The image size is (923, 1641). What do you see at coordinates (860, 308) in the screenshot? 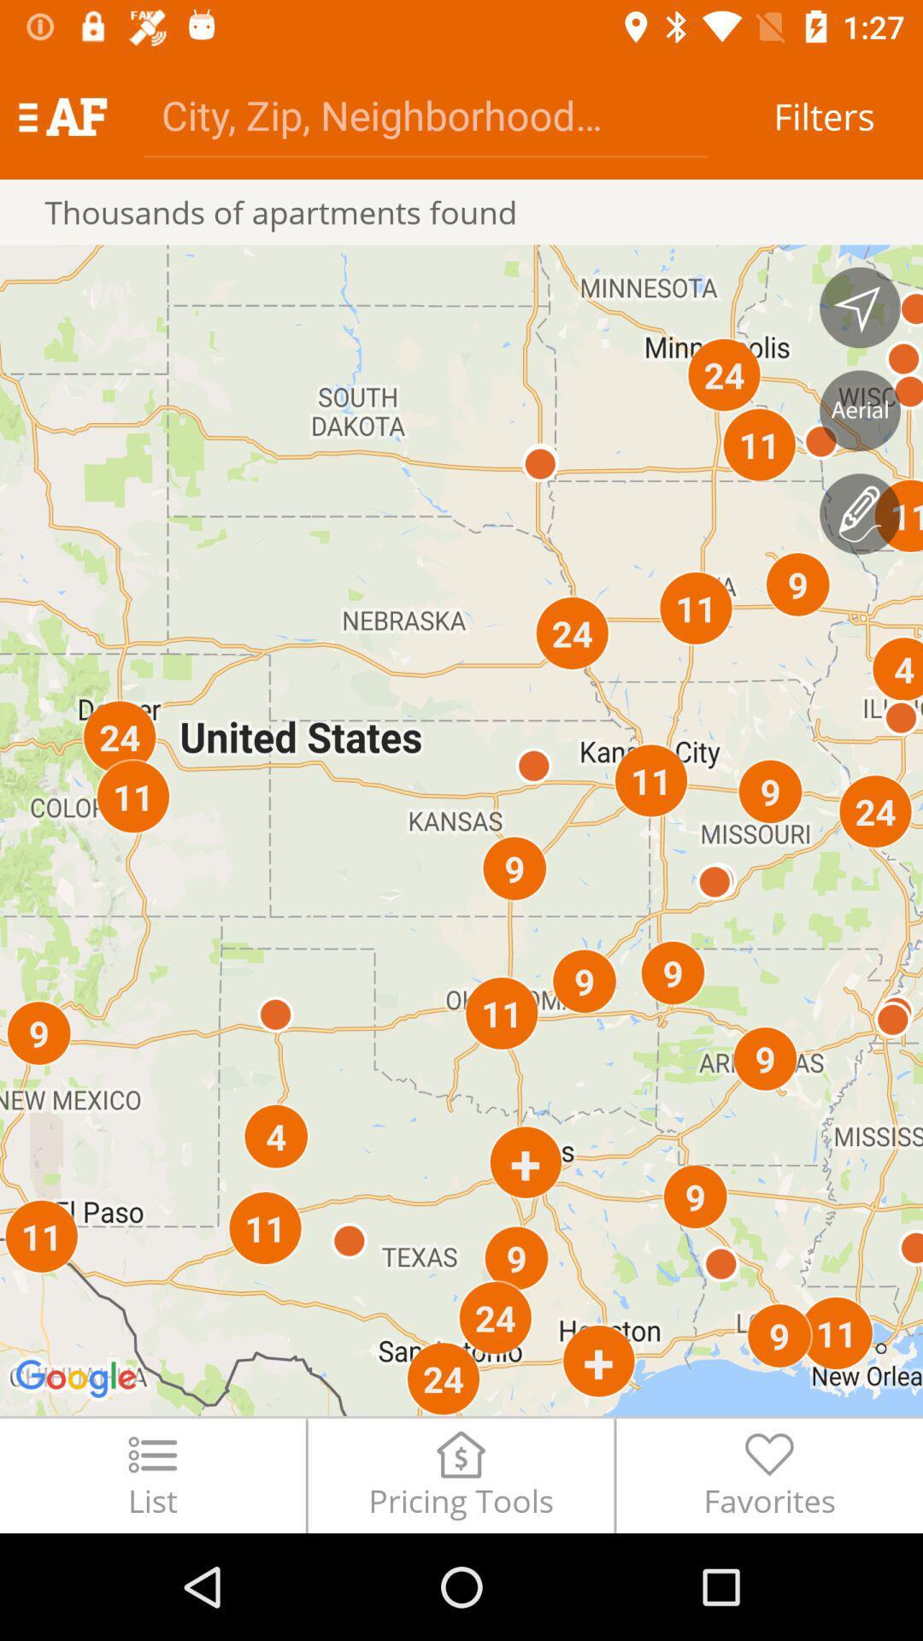
I see `the navigation icon` at bounding box center [860, 308].